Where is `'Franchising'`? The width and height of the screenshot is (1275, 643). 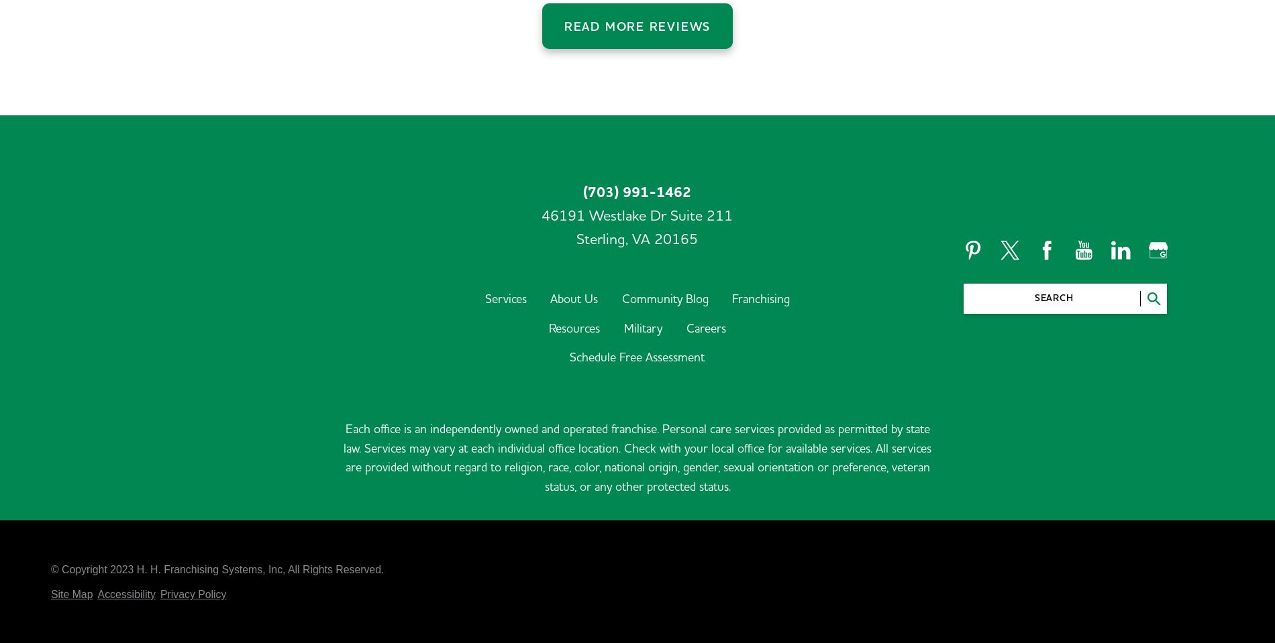 'Franchising' is located at coordinates (760, 211).